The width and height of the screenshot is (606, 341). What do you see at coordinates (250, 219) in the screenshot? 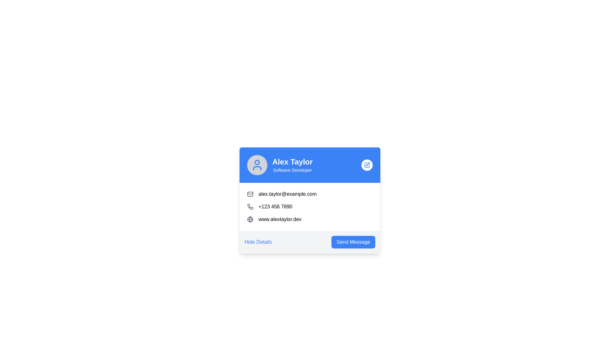
I see `the web globe icon located in the contact details section, which is positioned to the left of the text 'www.alextaylor.dev'` at bounding box center [250, 219].